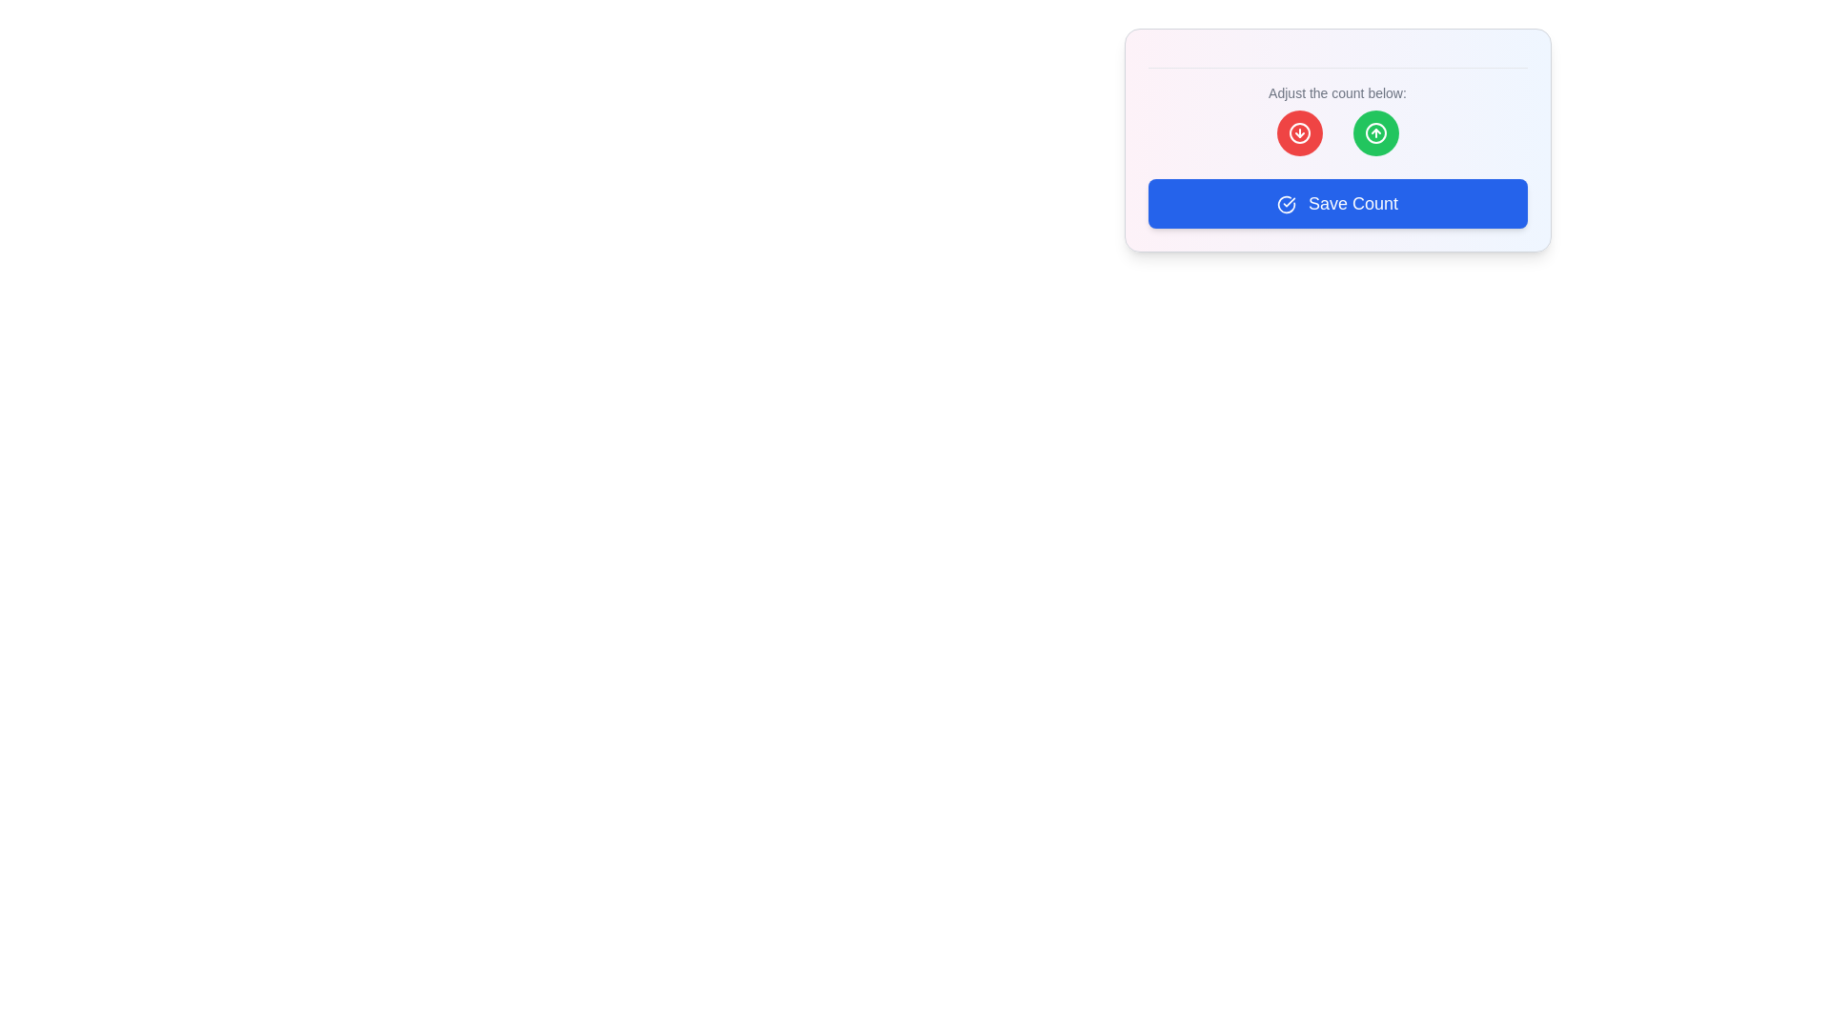  Describe the element at coordinates (1286, 205) in the screenshot. I see `the confirmation icon within the 'Save Count' button, located slightly to the left of the button's text` at that location.